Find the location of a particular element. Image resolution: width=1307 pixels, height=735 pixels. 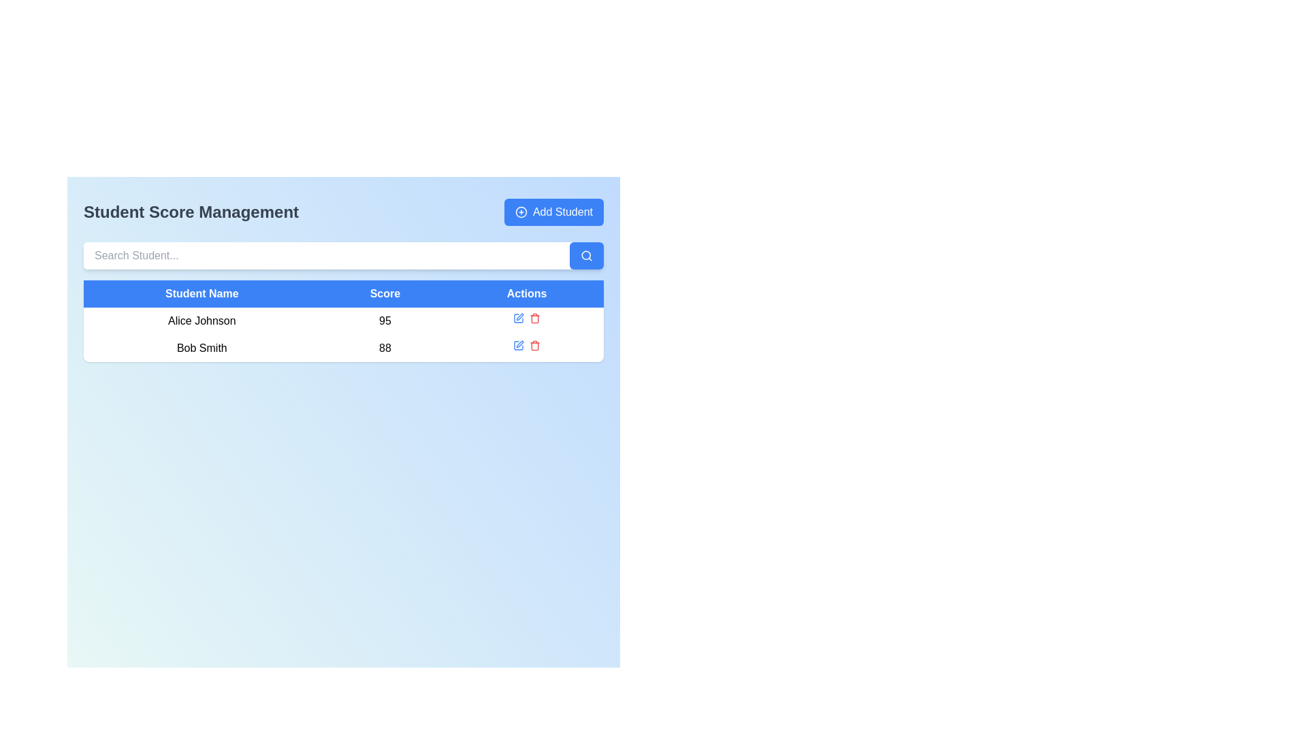

the bold textual heading 'Student Score Management' which is prominently displayed at the top-left of the interface is located at coordinates (191, 212).